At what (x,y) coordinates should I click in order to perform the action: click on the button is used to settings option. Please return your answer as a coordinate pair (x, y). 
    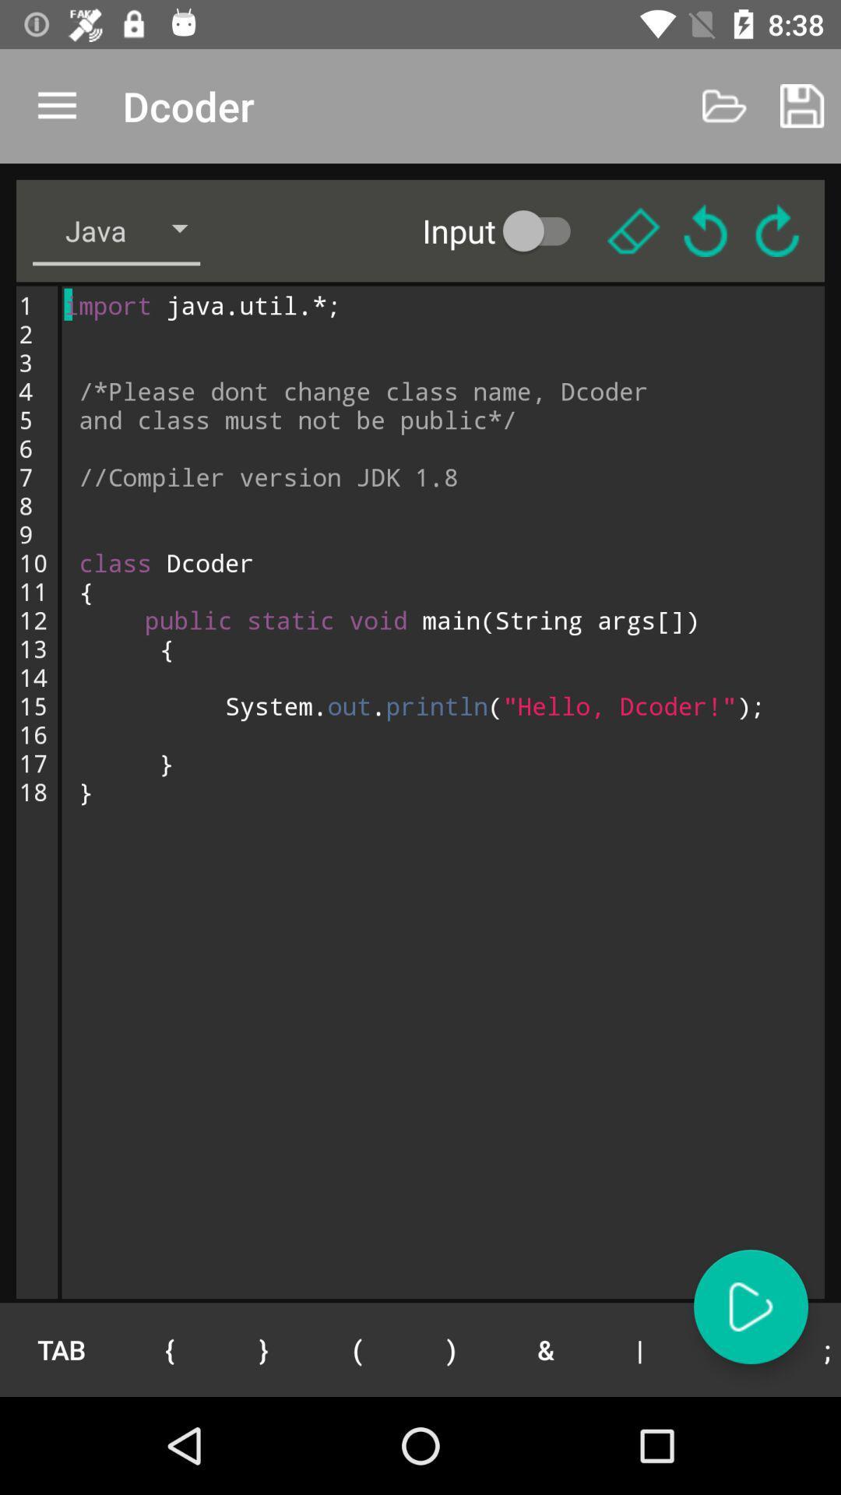
    Looking at the image, I should click on (633, 230).